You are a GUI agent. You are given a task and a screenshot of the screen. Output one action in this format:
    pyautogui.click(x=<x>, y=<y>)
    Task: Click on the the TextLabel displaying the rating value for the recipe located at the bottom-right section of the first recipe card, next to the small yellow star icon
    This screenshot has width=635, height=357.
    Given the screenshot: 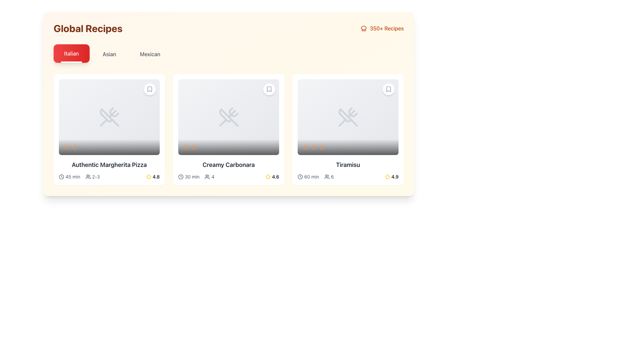 What is the action you would take?
    pyautogui.click(x=156, y=176)
    